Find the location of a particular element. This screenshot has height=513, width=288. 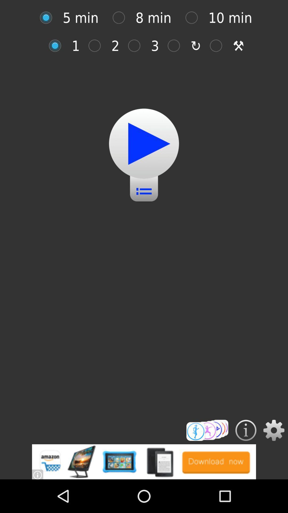

set time to 5 minutes is located at coordinates (49, 18).